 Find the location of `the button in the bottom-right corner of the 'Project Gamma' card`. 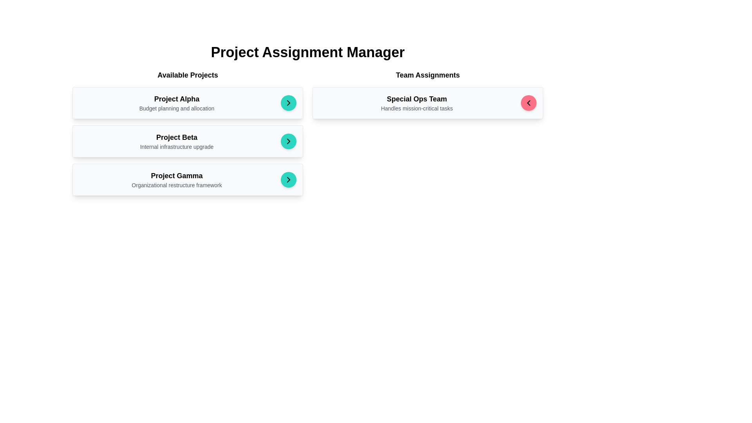

the button in the bottom-right corner of the 'Project Gamma' card is located at coordinates (288, 180).